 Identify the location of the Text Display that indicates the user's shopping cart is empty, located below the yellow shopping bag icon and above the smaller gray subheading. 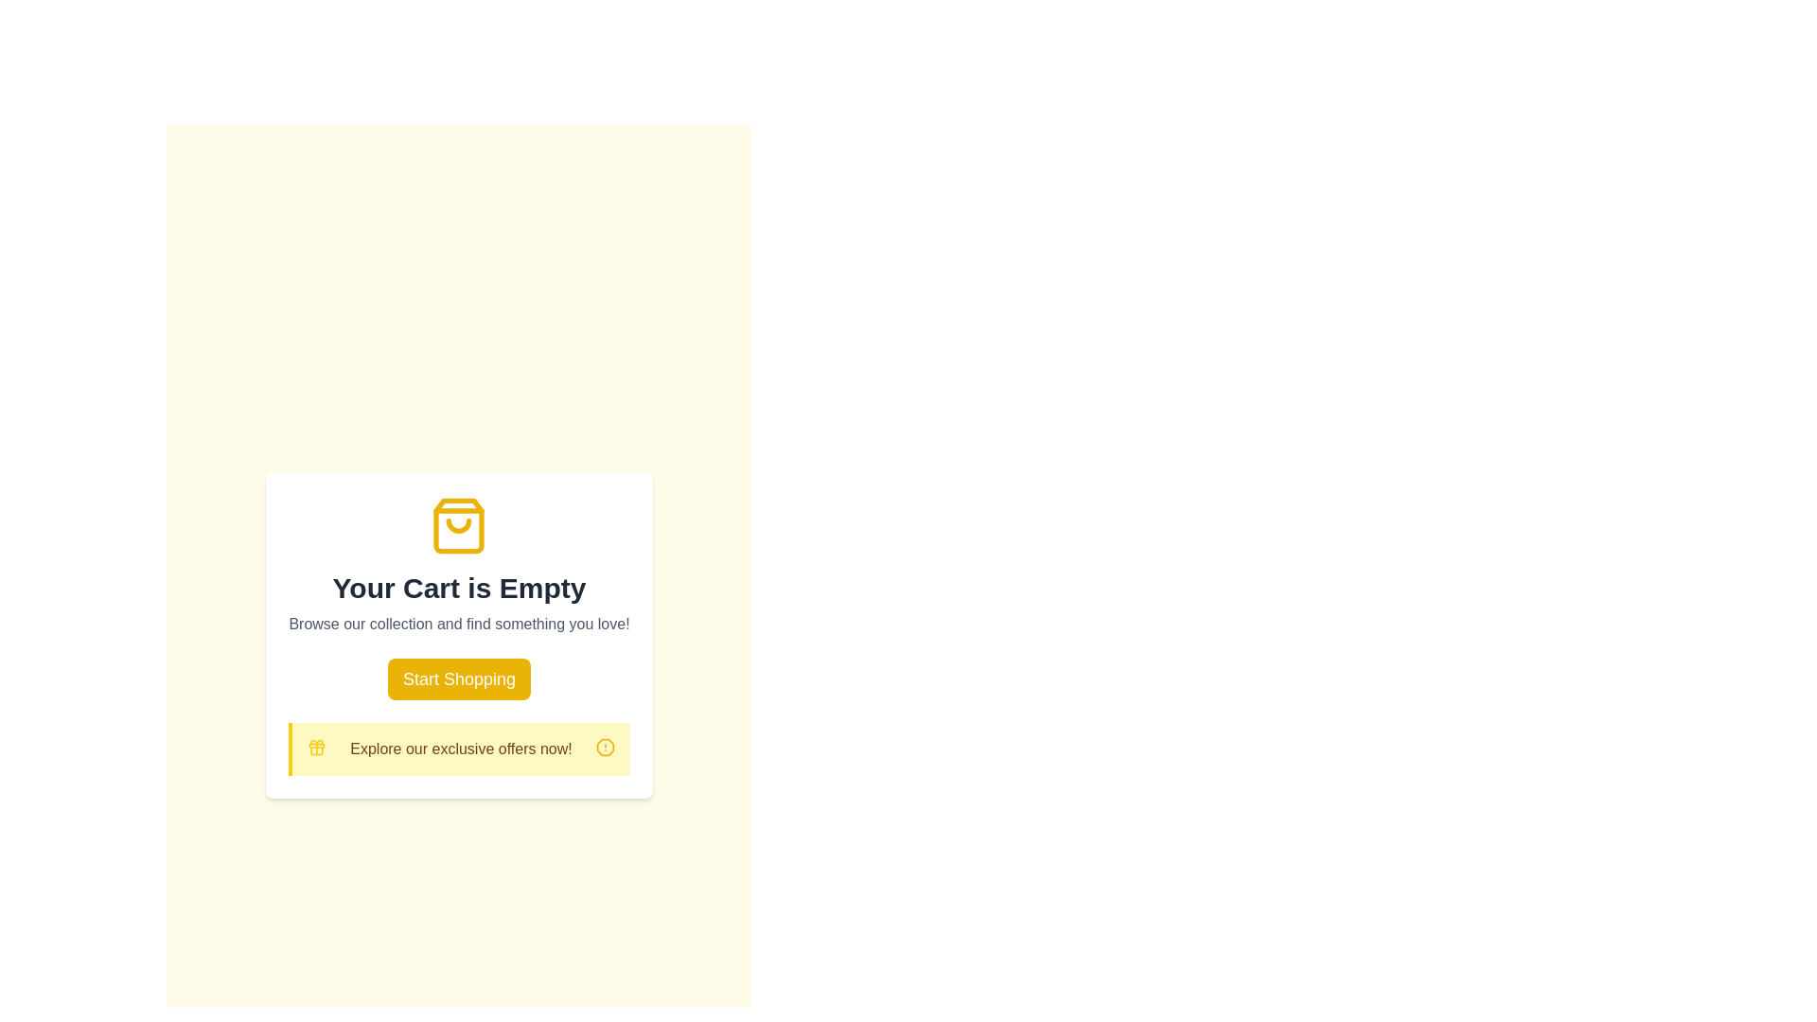
(459, 587).